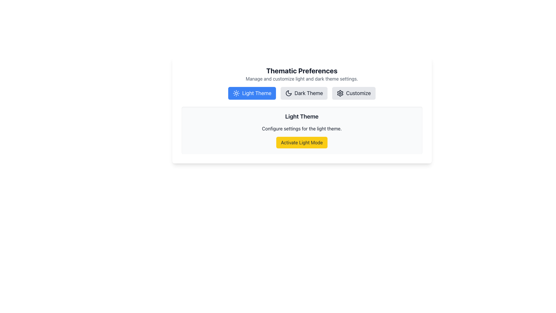 This screenshot has height=313, width=556. What do you see at coordinates (301, 79) in the screenshot?
I see `the Text Label that provides instructions about thematic preferences for light and dark modes, located beneath the header 'Thematic Preferences'` at bounding box center [301, 79].